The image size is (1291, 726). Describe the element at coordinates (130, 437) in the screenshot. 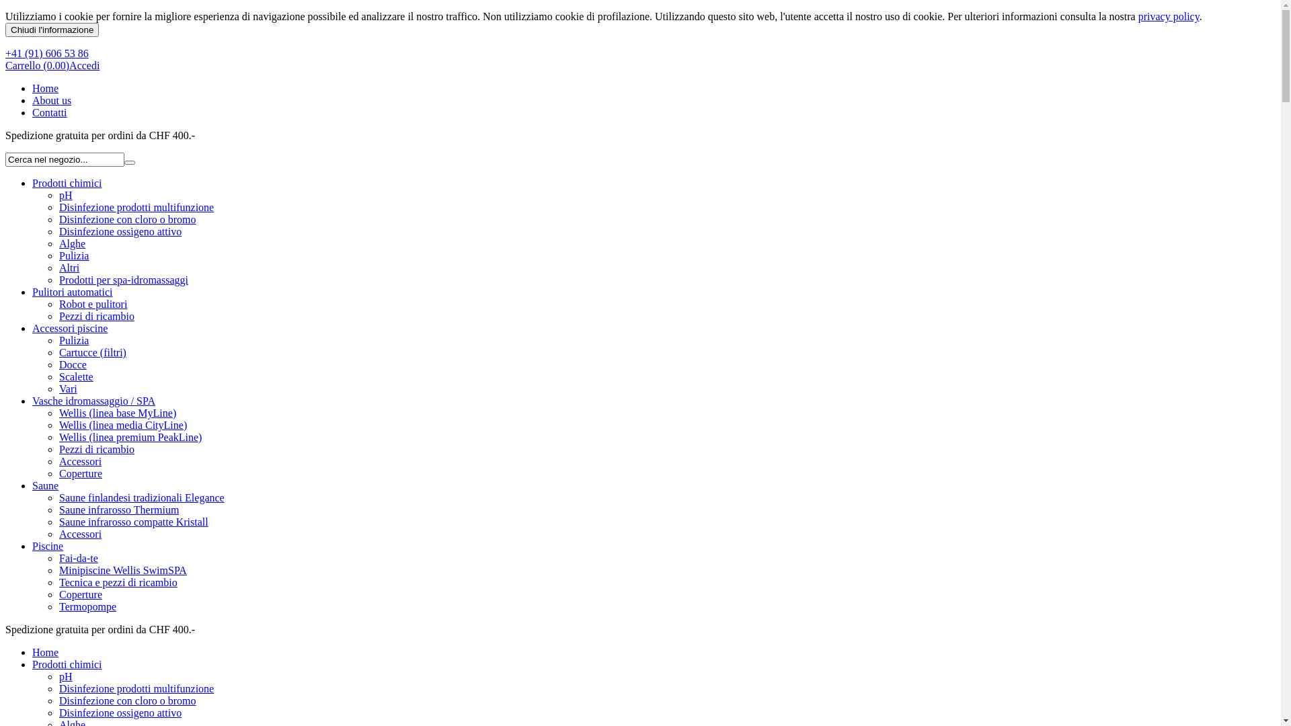

I see `'Wellis (linea premium PeakLine)'` at that location.